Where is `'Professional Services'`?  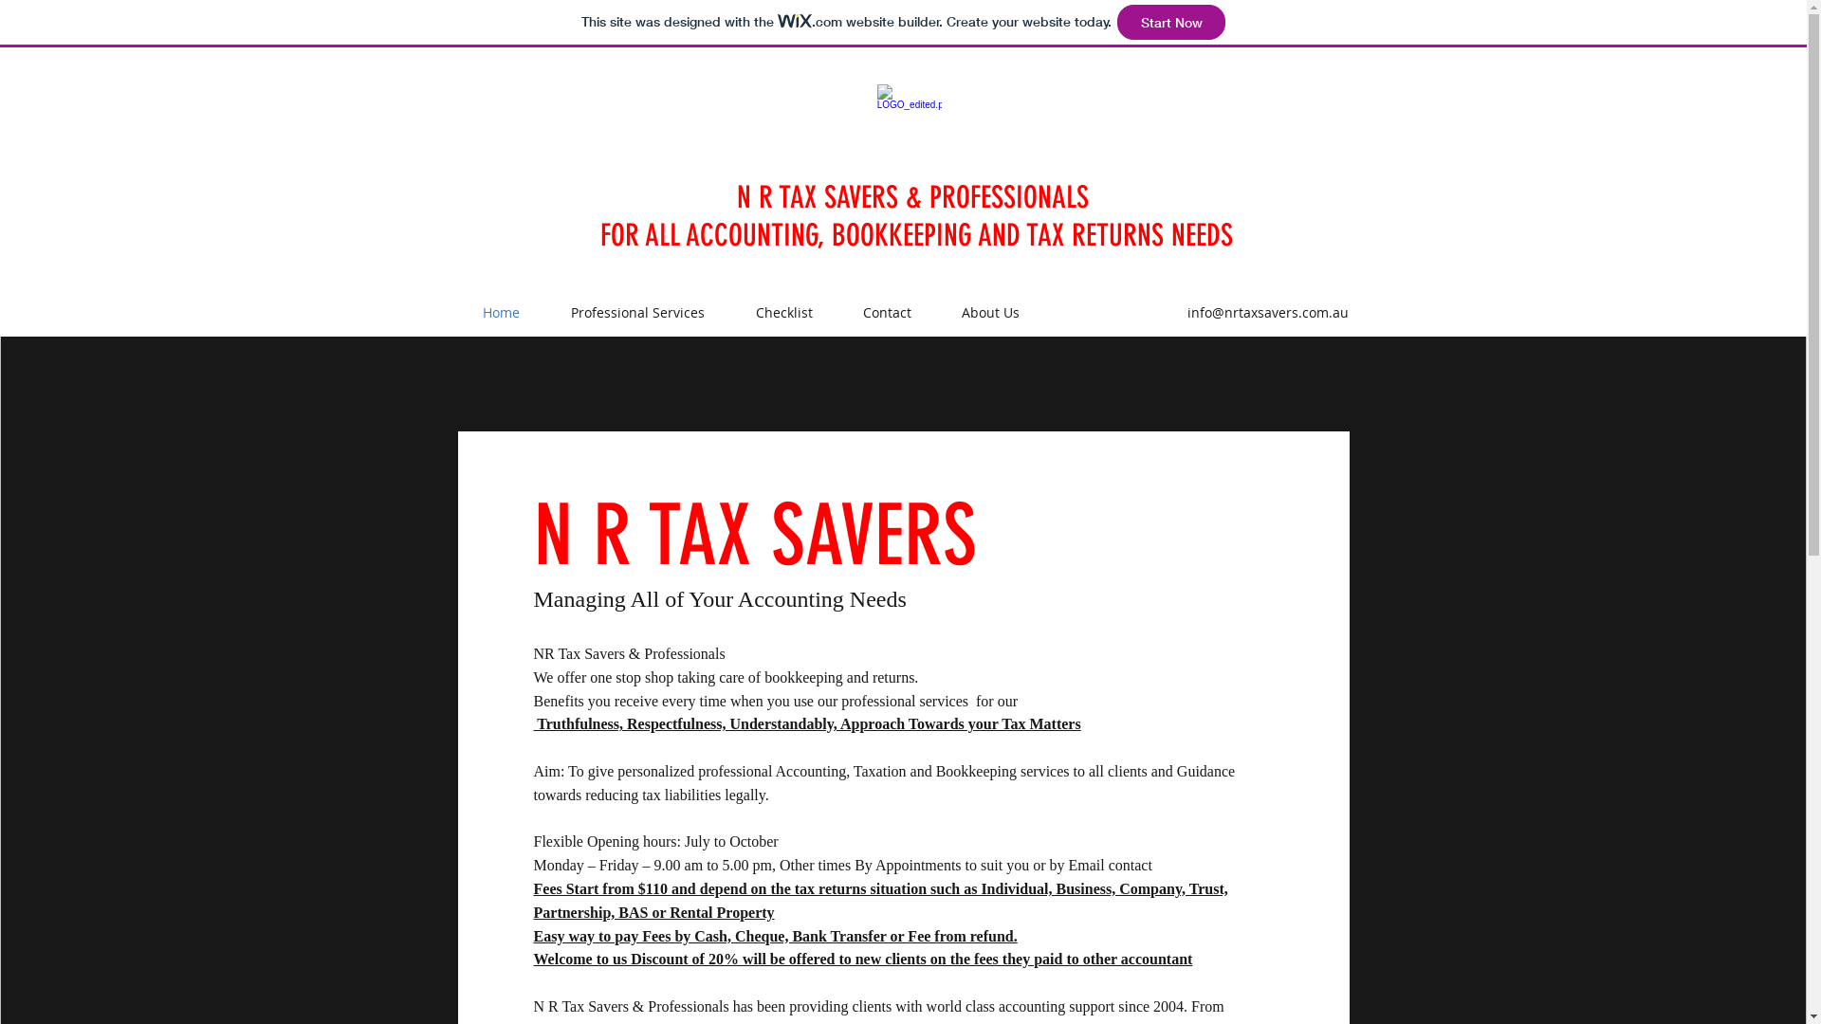
'Professional Services' is located at coordinates (637, 312).